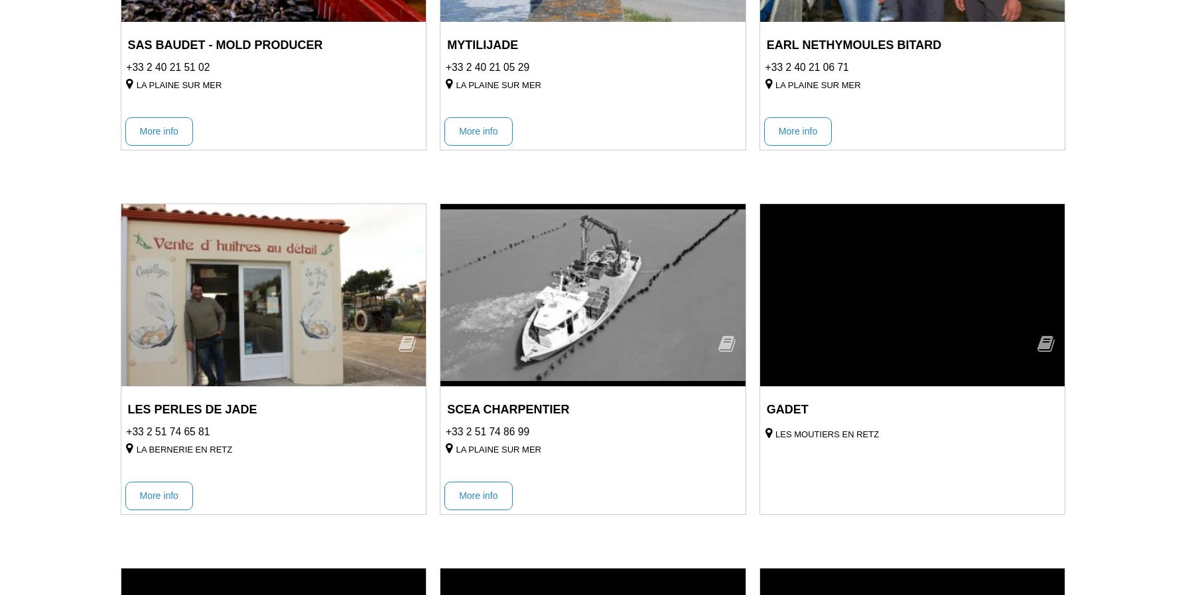 This screenshot has width=1186, height=595. Describe the element at coordinates (482, 44) in the screenshot. I see `'MYTILIJADE'` at that location.